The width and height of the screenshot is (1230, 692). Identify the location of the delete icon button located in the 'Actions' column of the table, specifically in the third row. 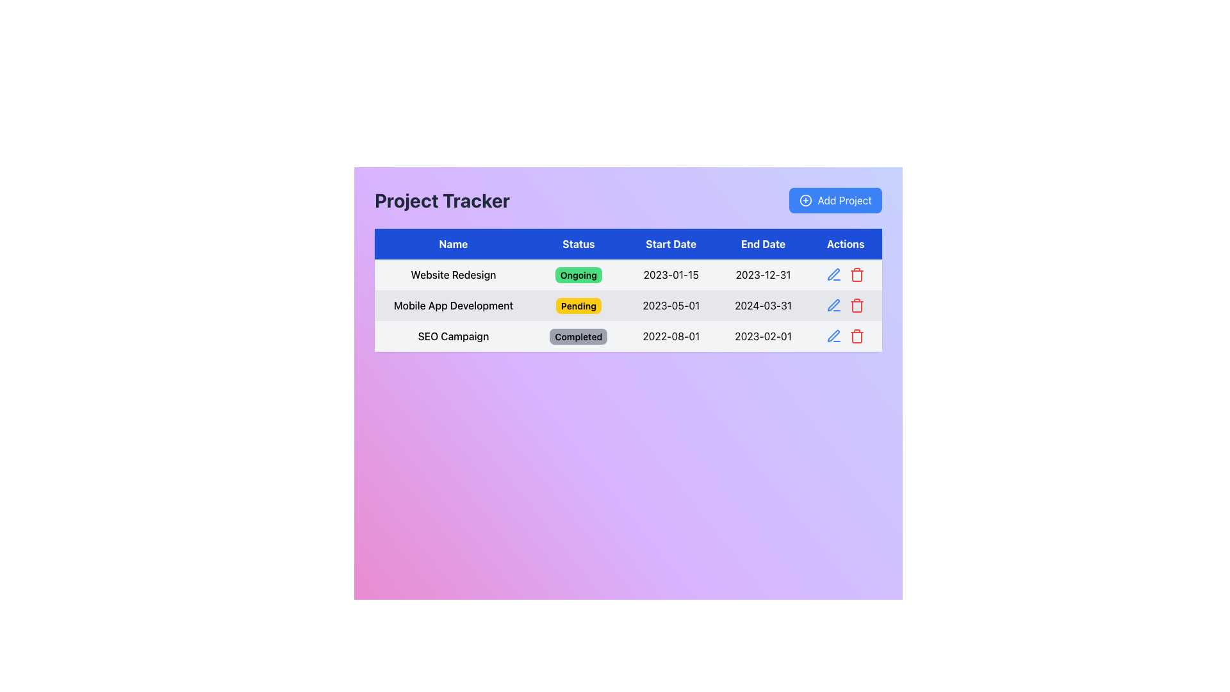
(857, 306).